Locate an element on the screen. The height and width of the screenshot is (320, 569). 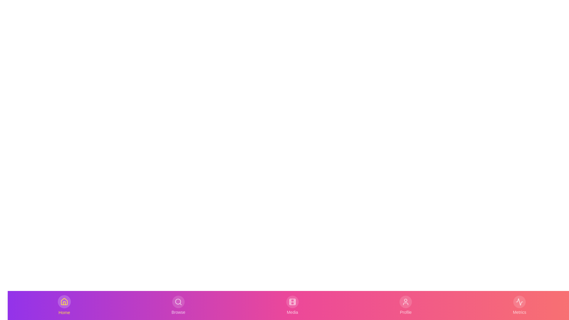
the Browse tab to activate it is located at coordinates (178, 305).